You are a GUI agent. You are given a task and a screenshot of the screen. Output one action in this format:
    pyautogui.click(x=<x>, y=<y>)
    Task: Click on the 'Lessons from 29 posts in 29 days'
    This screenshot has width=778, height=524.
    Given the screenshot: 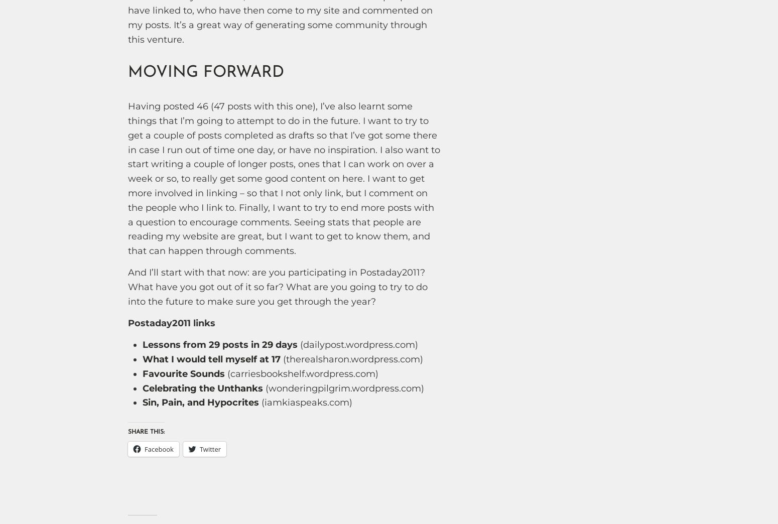 What is the action you would take?
    pyautogui.click(x=219, y=344)
    